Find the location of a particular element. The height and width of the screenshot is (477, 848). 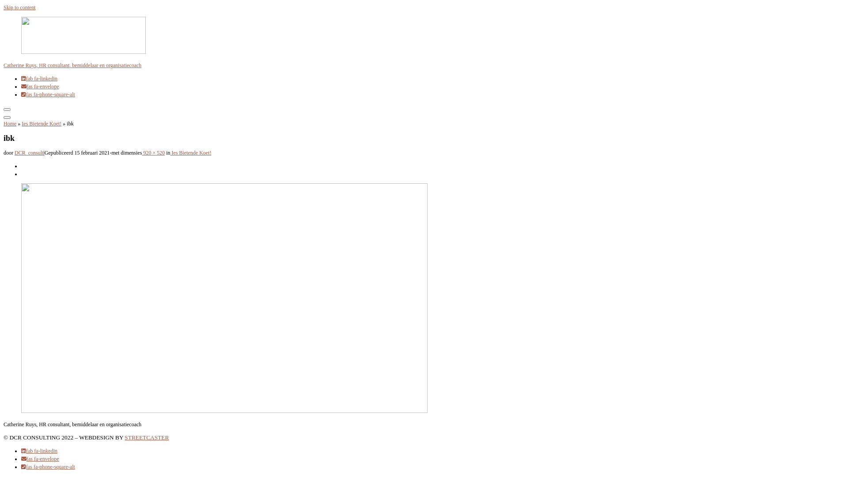

'fas fa-envelope' is located at coordinates (40, 458).